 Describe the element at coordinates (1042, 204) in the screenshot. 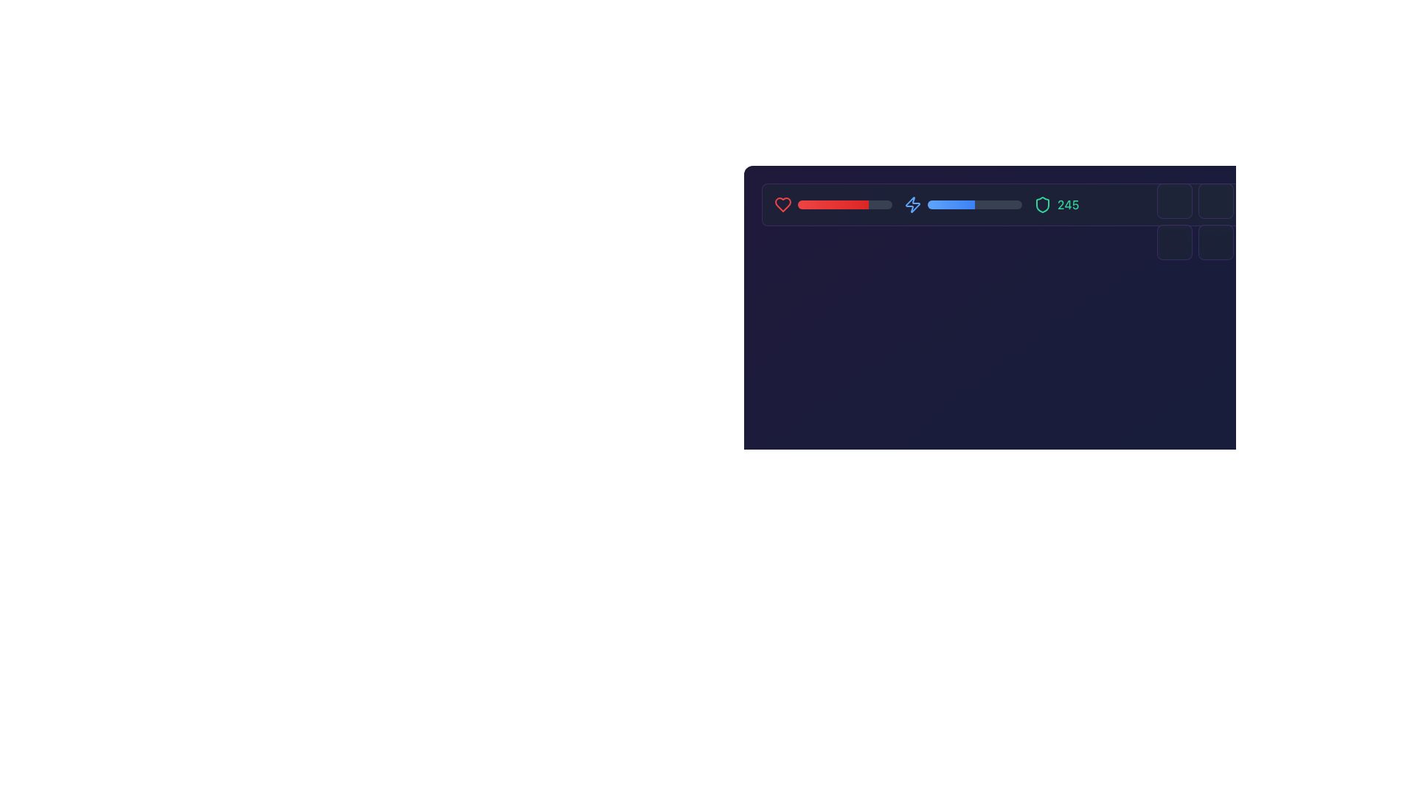

I see `the shield icon located near the top-right corner of the interface` at that location.